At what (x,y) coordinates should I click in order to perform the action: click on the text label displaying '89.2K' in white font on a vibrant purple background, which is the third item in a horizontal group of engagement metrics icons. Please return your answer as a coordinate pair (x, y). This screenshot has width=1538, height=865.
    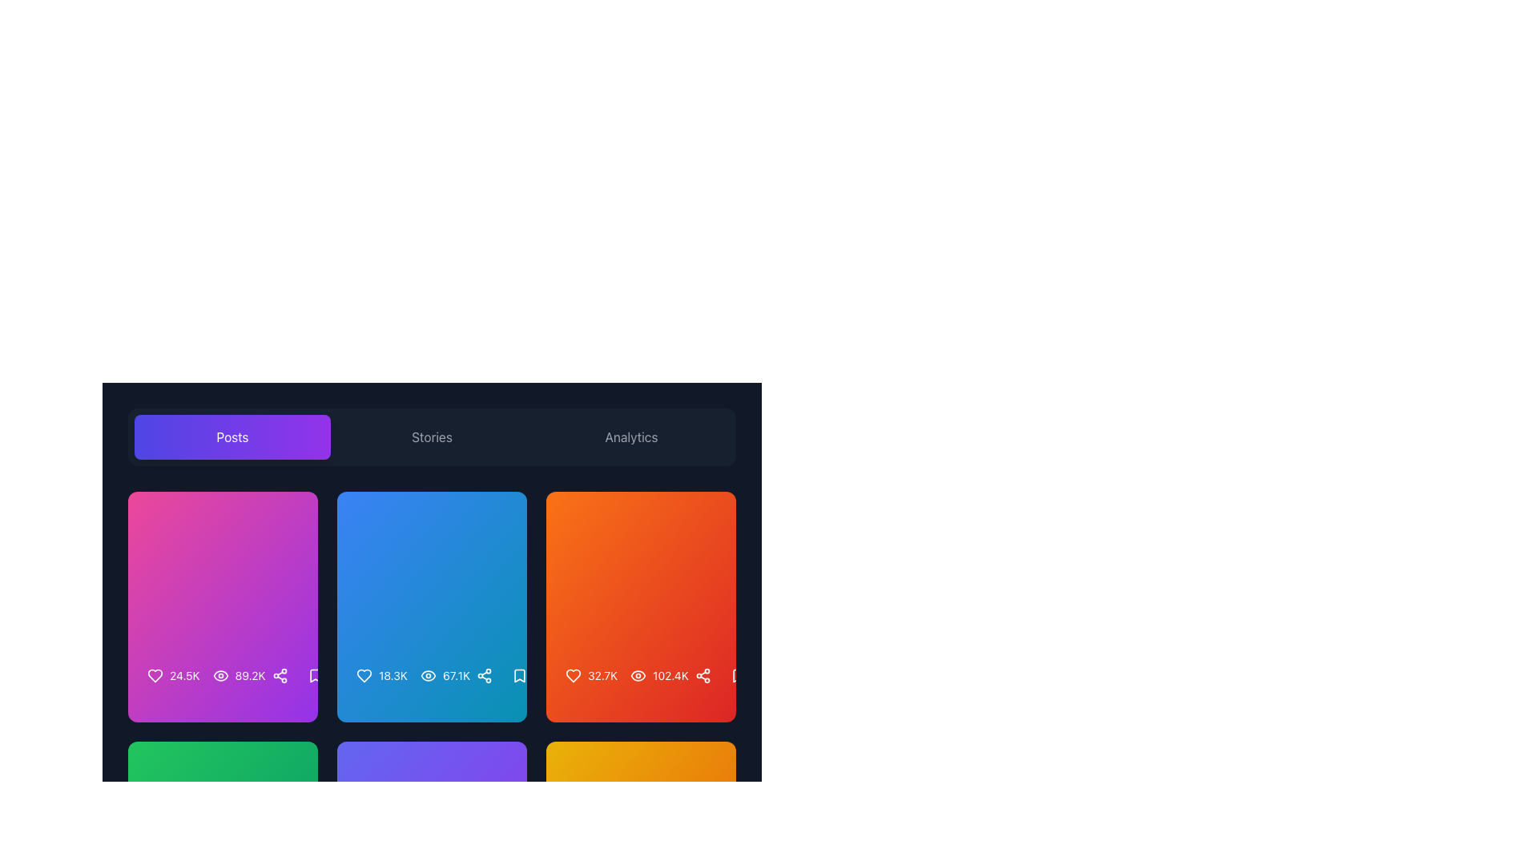
    Looking at the image, I should click on (249, 676).